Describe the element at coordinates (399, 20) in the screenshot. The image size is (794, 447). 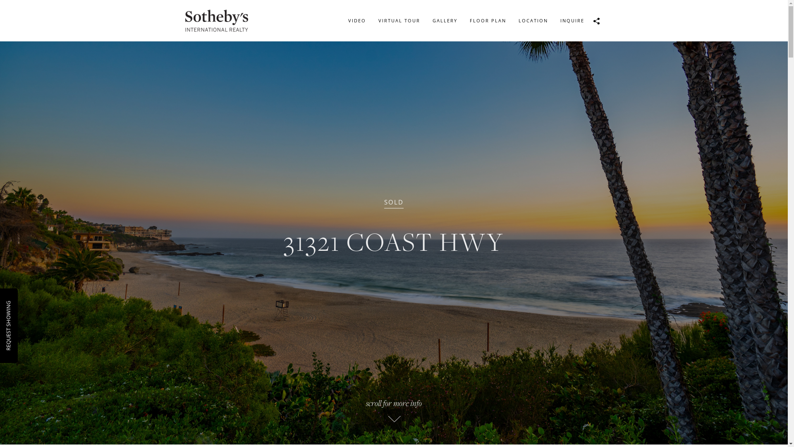
I see `'VIRTUAL TOUR'` at that location.